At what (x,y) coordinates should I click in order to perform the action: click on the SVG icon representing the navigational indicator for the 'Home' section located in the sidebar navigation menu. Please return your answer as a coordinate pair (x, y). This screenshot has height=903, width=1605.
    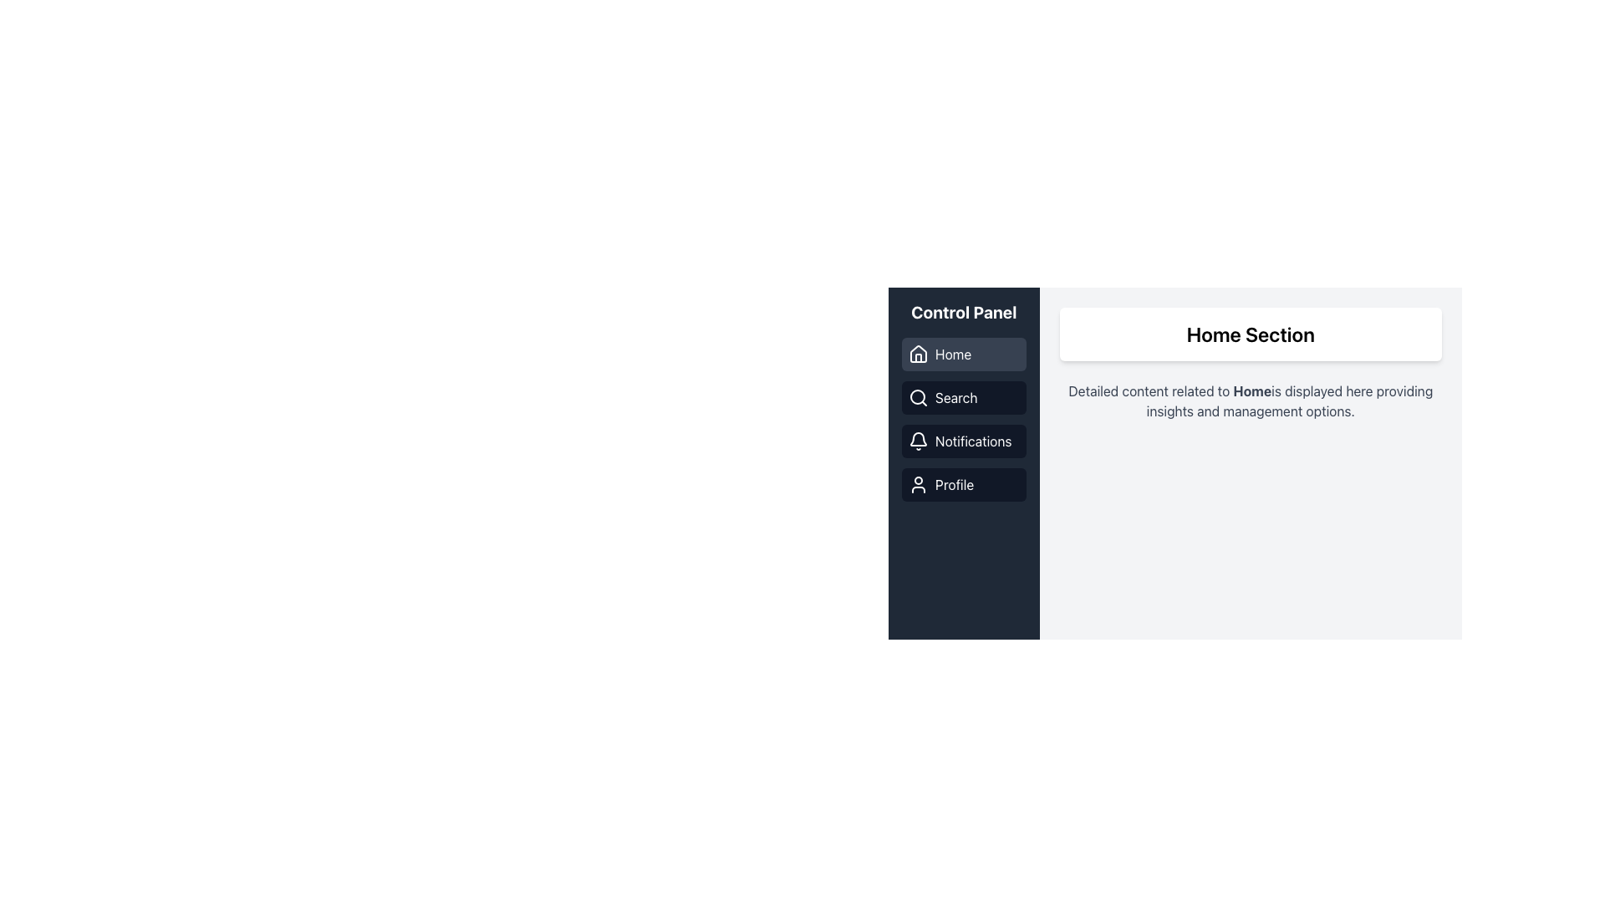
    Looking at the image, I should click on (918, 354).